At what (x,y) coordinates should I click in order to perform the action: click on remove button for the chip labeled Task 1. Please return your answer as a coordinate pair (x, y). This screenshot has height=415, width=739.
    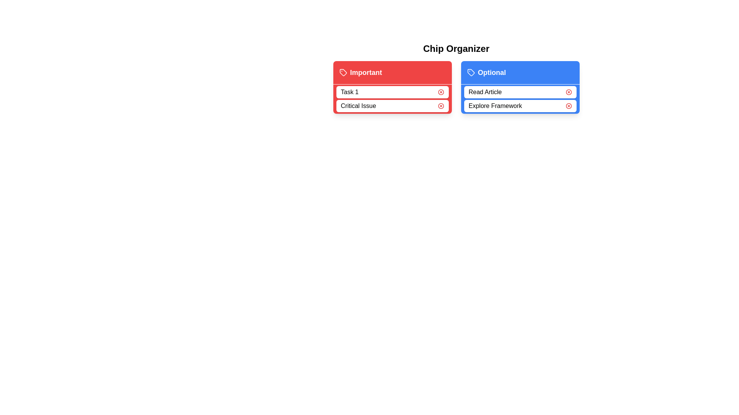
    Looking at the image, I should click on (441, 91).